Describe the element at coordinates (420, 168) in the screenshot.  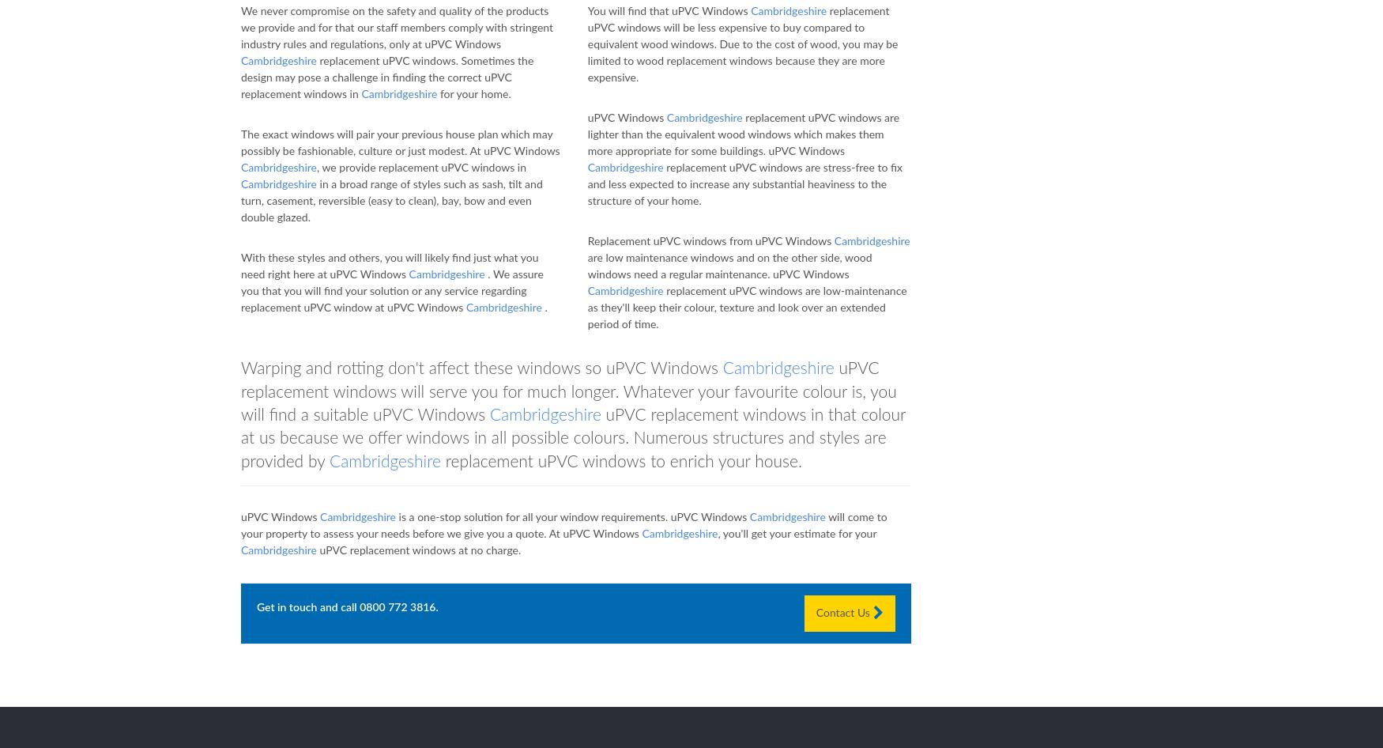
I see `', we provide replacement uPVC windows in'` at that location.